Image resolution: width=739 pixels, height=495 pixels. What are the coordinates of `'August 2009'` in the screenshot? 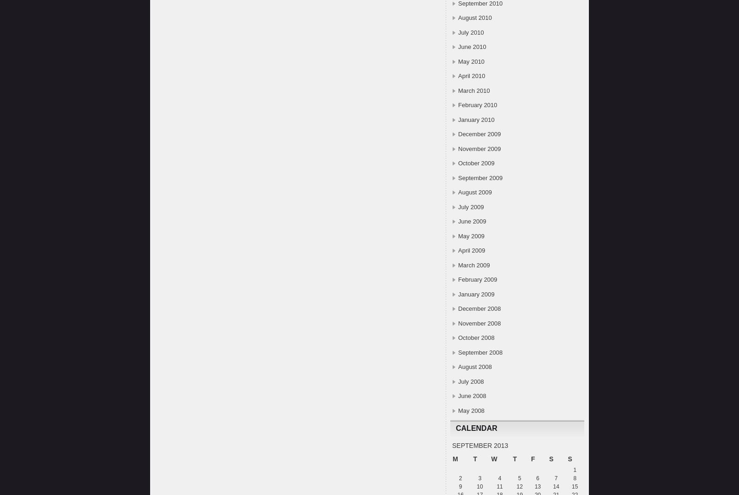 It's located at (475, 192).